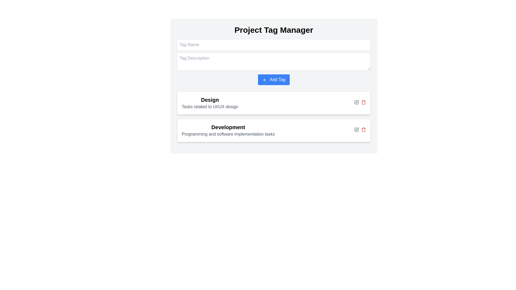 The image size is (516, 290). Describe the element at coordinates (274, 80) in the screenshot. I see `the button used` at that location.